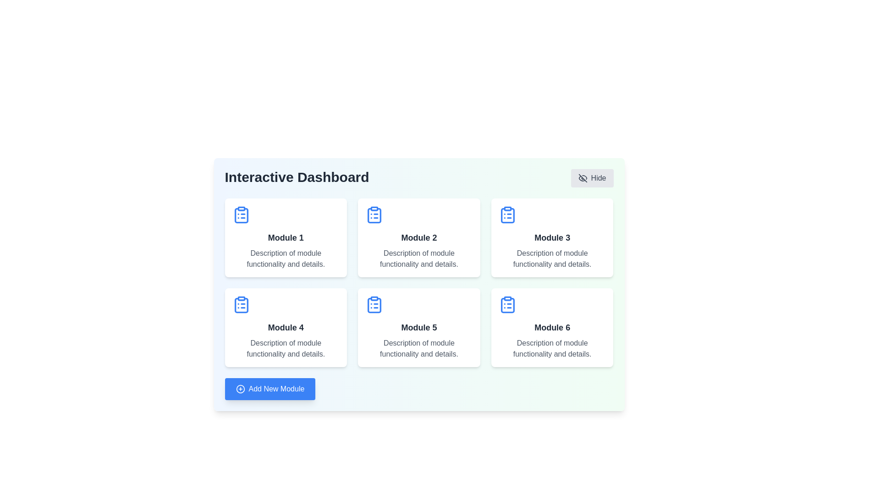  What do you see at coordinates (582, 178) in the screenshot?
I see `the graphical icon in the top-right corner of the 'Interactive Dashboard' section` at bounding box center [582, 178].